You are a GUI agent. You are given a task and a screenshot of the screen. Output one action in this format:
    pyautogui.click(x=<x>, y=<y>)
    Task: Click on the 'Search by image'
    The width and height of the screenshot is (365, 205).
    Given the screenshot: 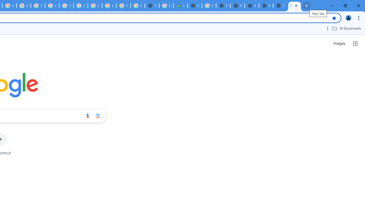 What is the action you would take?
    pyautogui.click(x=98, y=116)
    